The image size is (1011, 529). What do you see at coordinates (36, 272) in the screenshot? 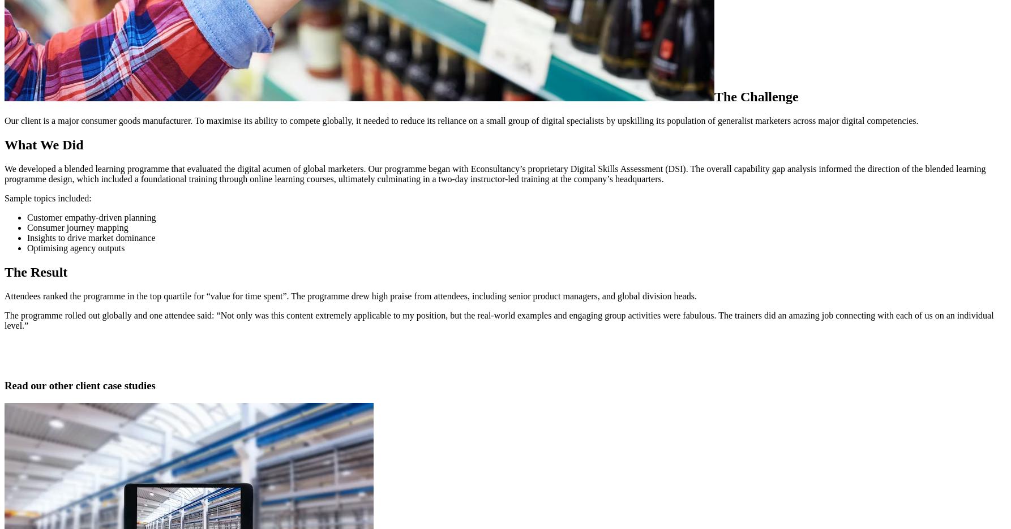
I see `'The Result'` at bounding box center [36, 272].